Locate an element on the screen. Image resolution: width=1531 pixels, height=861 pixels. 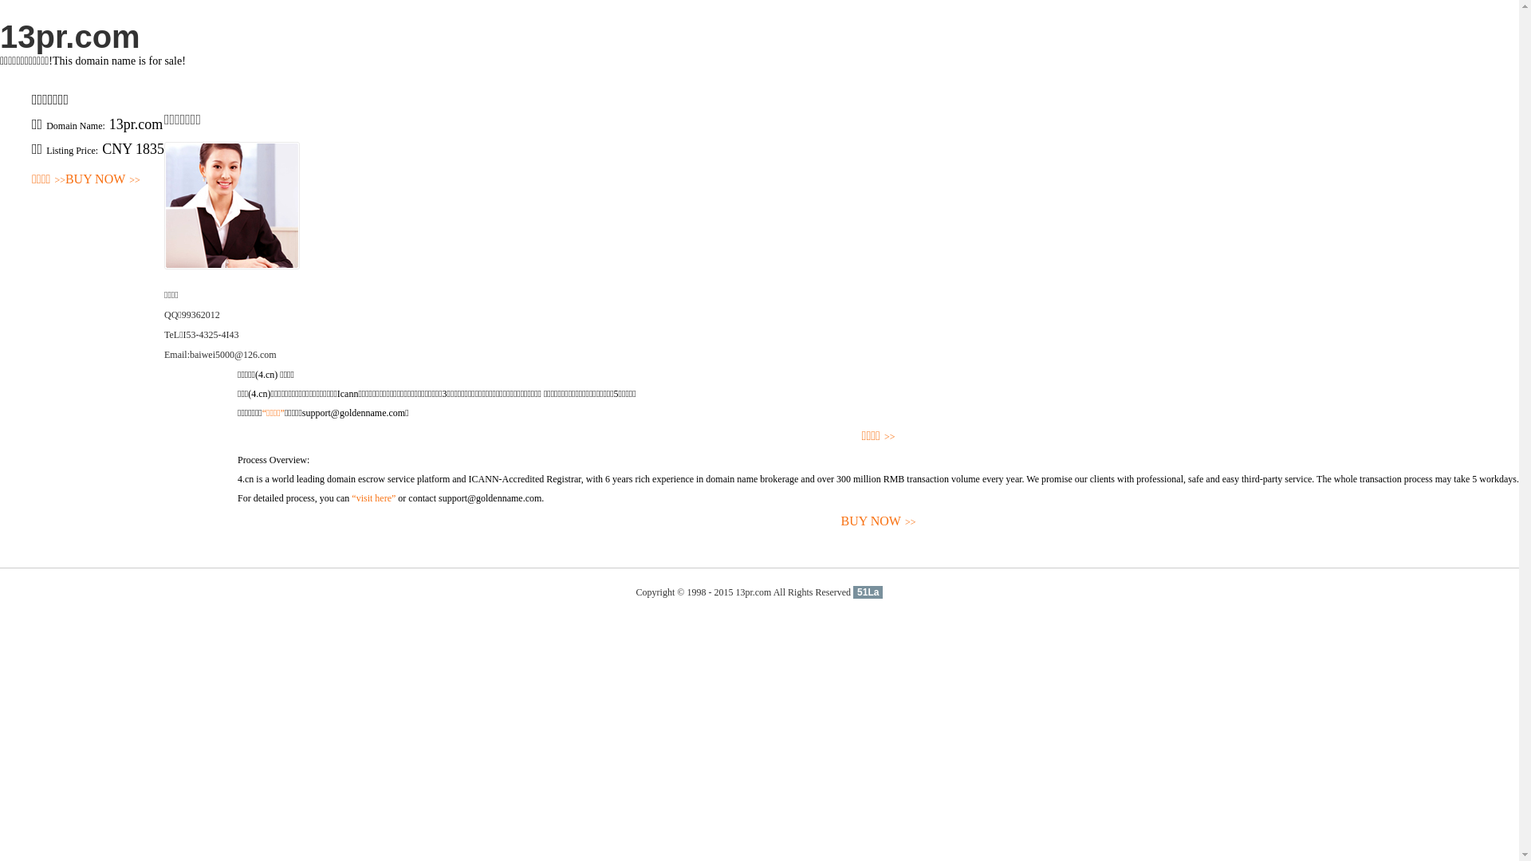
'BUY NOW>>' is located at coordinates (236, 521).